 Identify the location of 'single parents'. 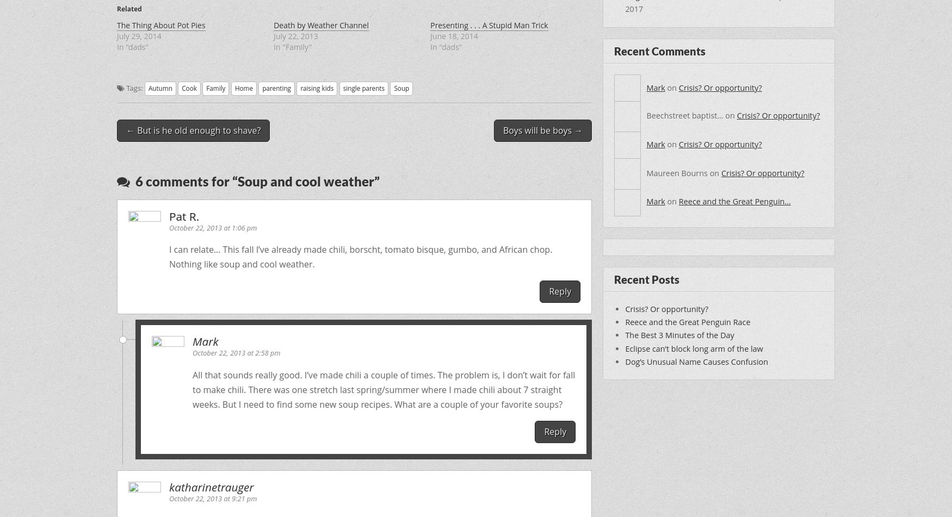
(363, 88).